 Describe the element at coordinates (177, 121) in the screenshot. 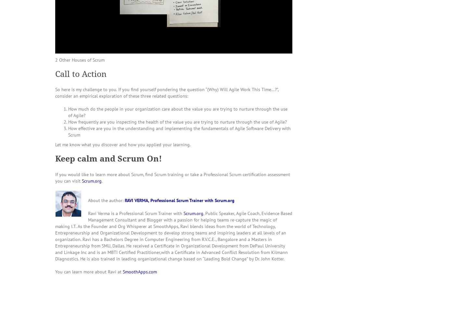

I see `'How frequently are you inspecting the health of the value you are trying to nurture through the use of Agile?'` at that location.